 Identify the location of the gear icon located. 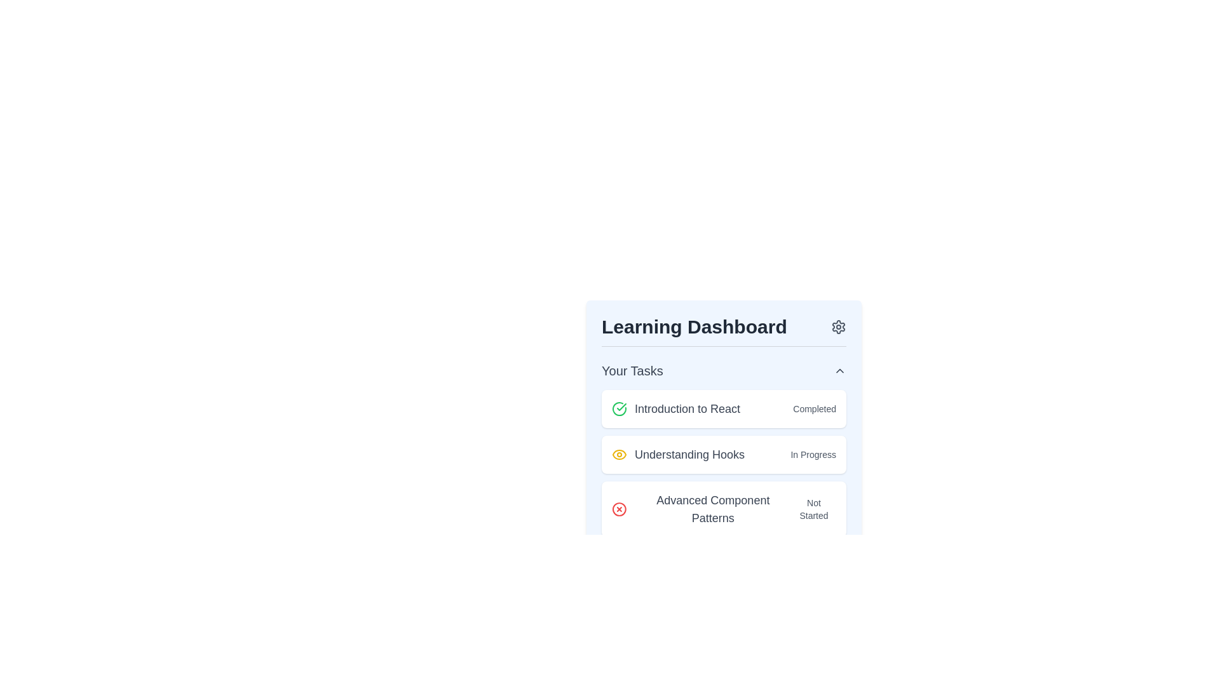
(839, 326).